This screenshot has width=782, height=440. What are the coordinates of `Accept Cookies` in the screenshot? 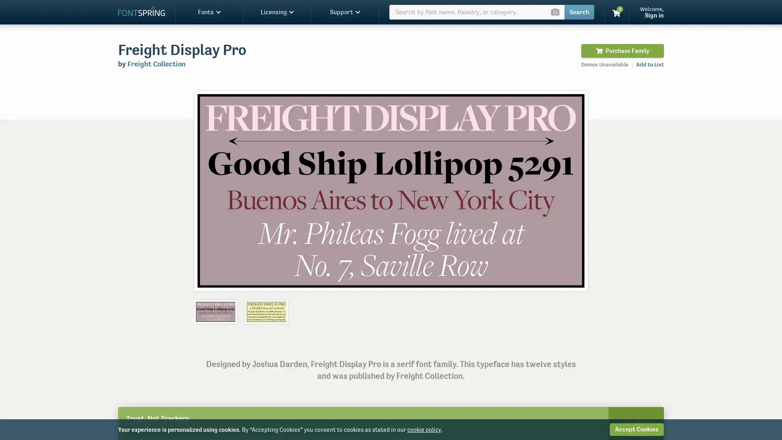 It's located at (636, 429).